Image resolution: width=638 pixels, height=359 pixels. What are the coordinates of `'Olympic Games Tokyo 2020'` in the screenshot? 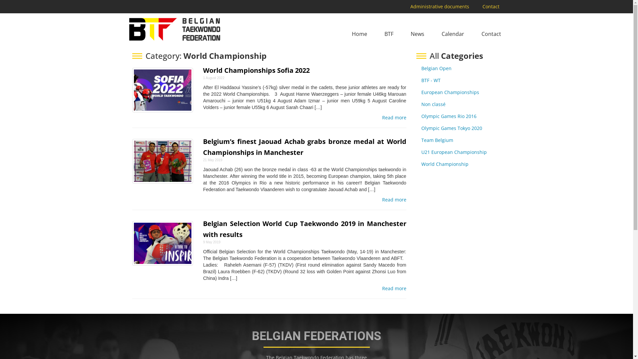 It's located at (452, 128).